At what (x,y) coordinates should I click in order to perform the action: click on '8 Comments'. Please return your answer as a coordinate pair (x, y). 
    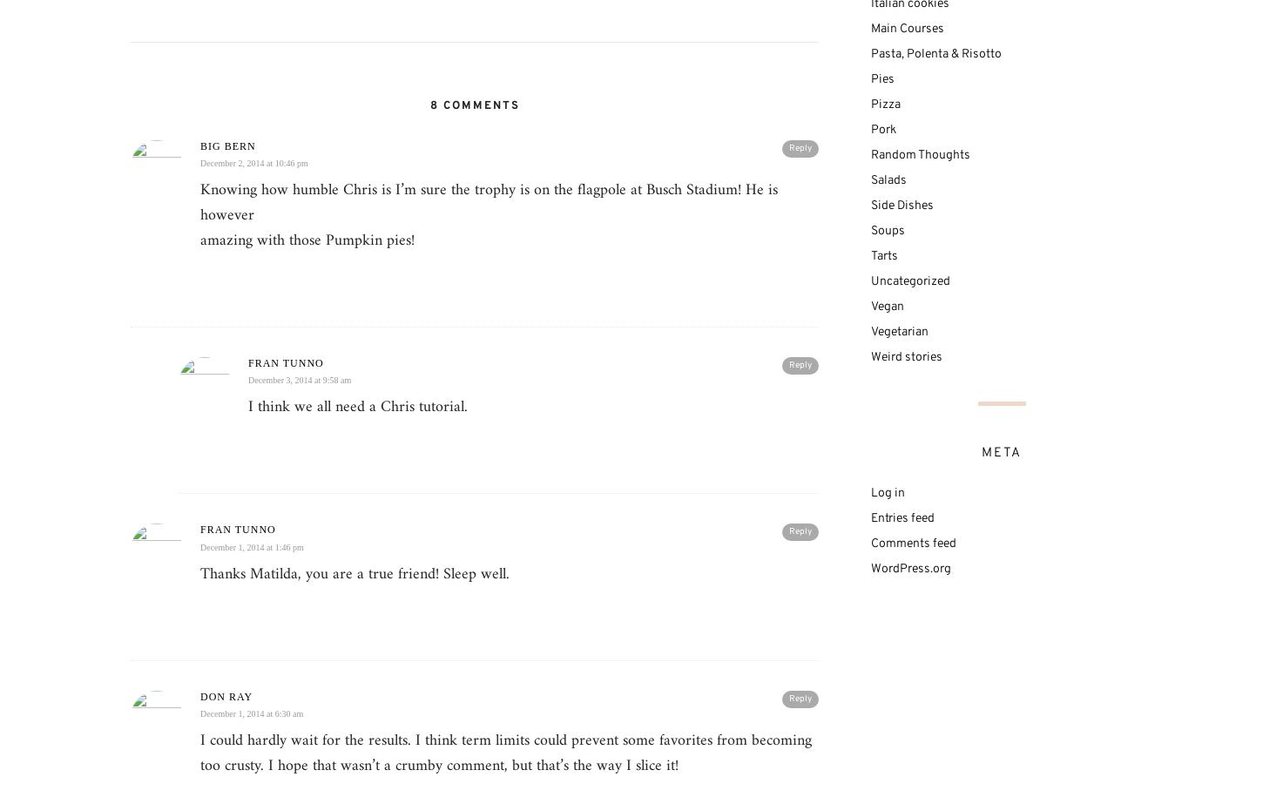
    Looking at the image, I should click on (474, 105).